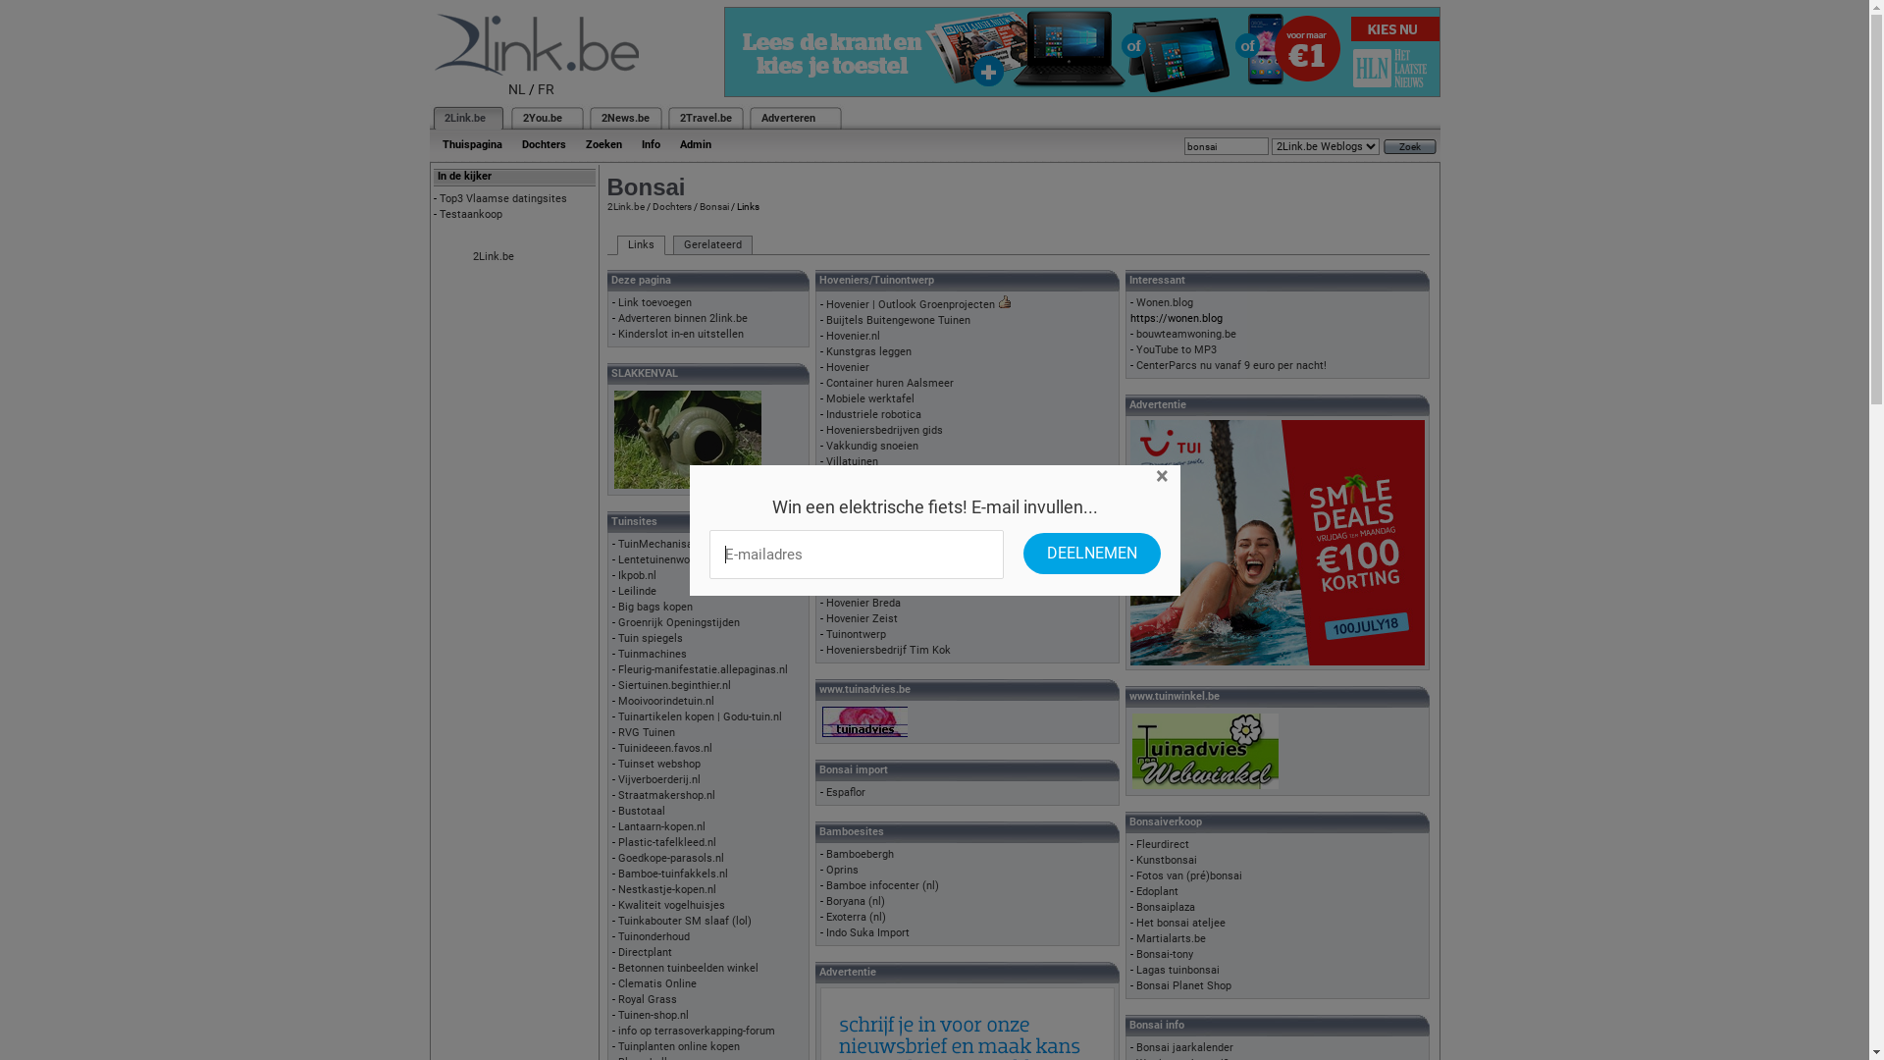  Describe the element at coordinates (471, 214) in the screenshot. I see `'Testaankoop'` at that location.